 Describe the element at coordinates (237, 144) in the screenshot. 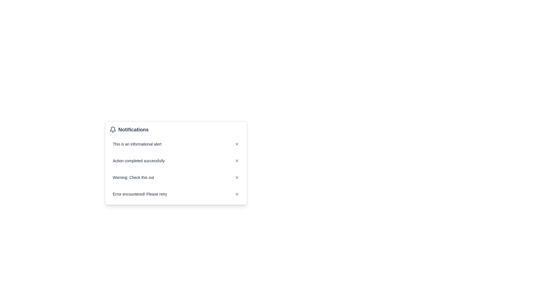

I see `the 'X' icon button next to the text 'This is an informational alert' to change its color to a darker shade` at that location.